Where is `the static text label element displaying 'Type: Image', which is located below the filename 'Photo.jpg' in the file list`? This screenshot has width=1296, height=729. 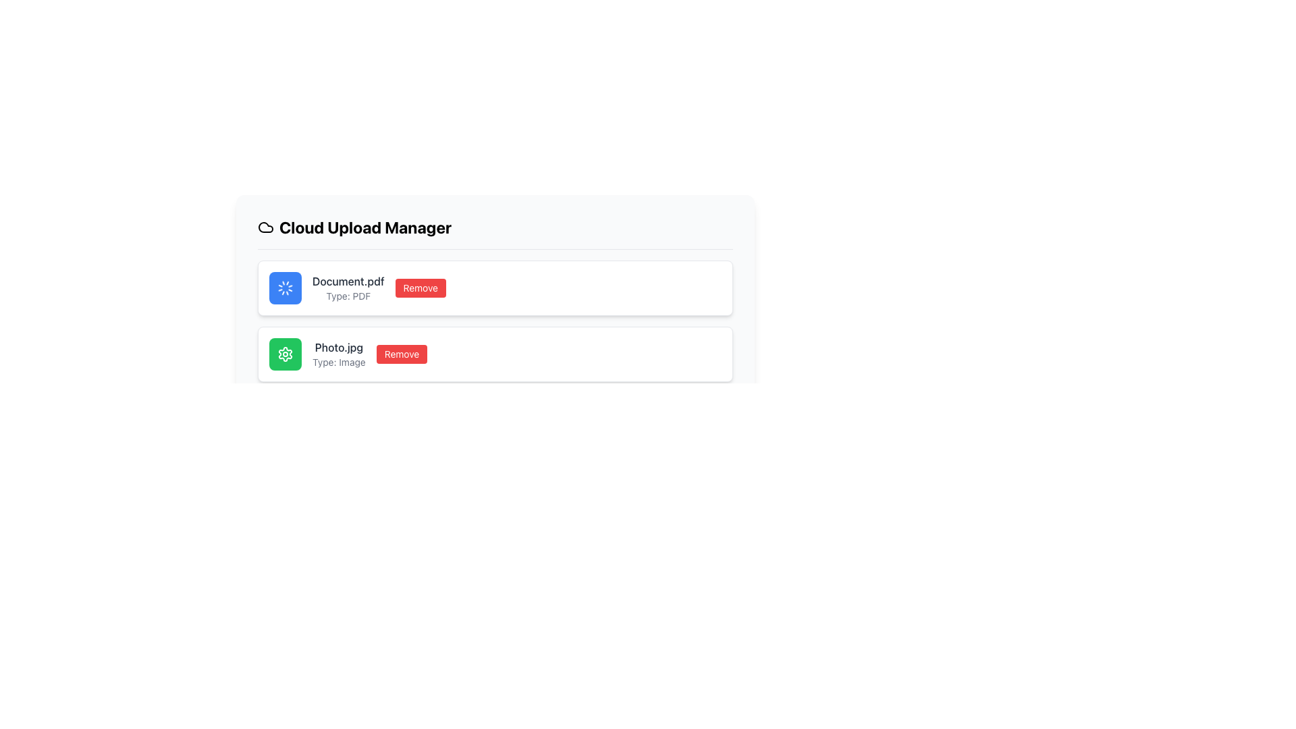
the static text label element displaying 'Type: Image', which is located below the filename 'Photo.jpg' in the file list is located at coordinates (339, 361).